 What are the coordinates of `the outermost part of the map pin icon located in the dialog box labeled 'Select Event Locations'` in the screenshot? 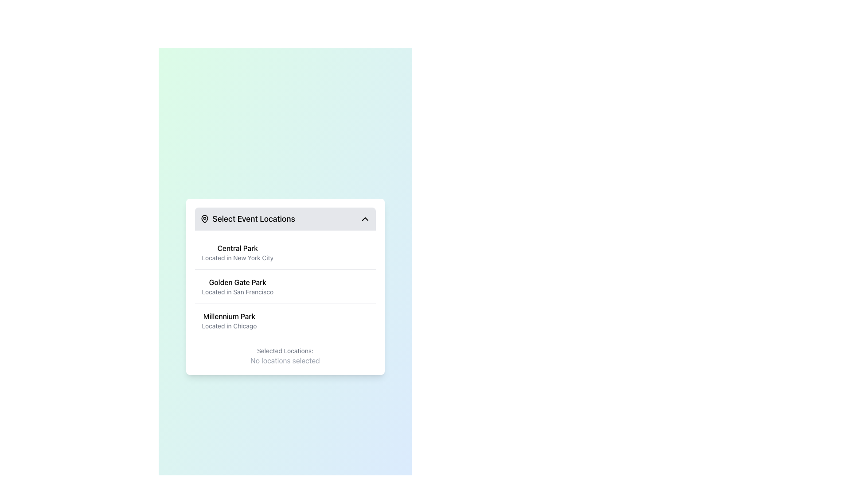 It's located at (204, 219).